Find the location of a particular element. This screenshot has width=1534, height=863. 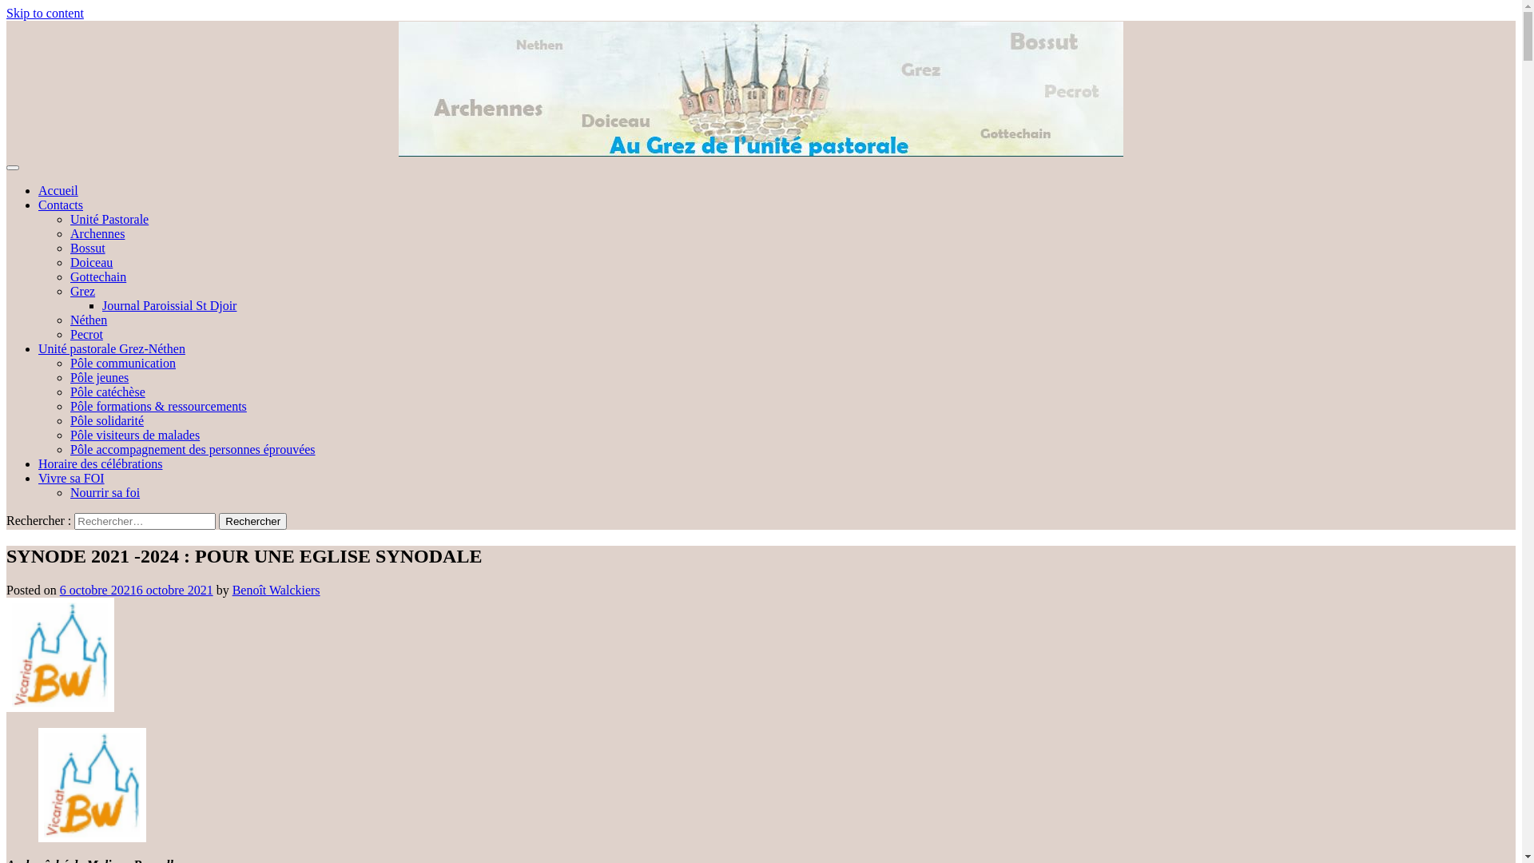

'Archennes' is located at coordinates (96, 233).